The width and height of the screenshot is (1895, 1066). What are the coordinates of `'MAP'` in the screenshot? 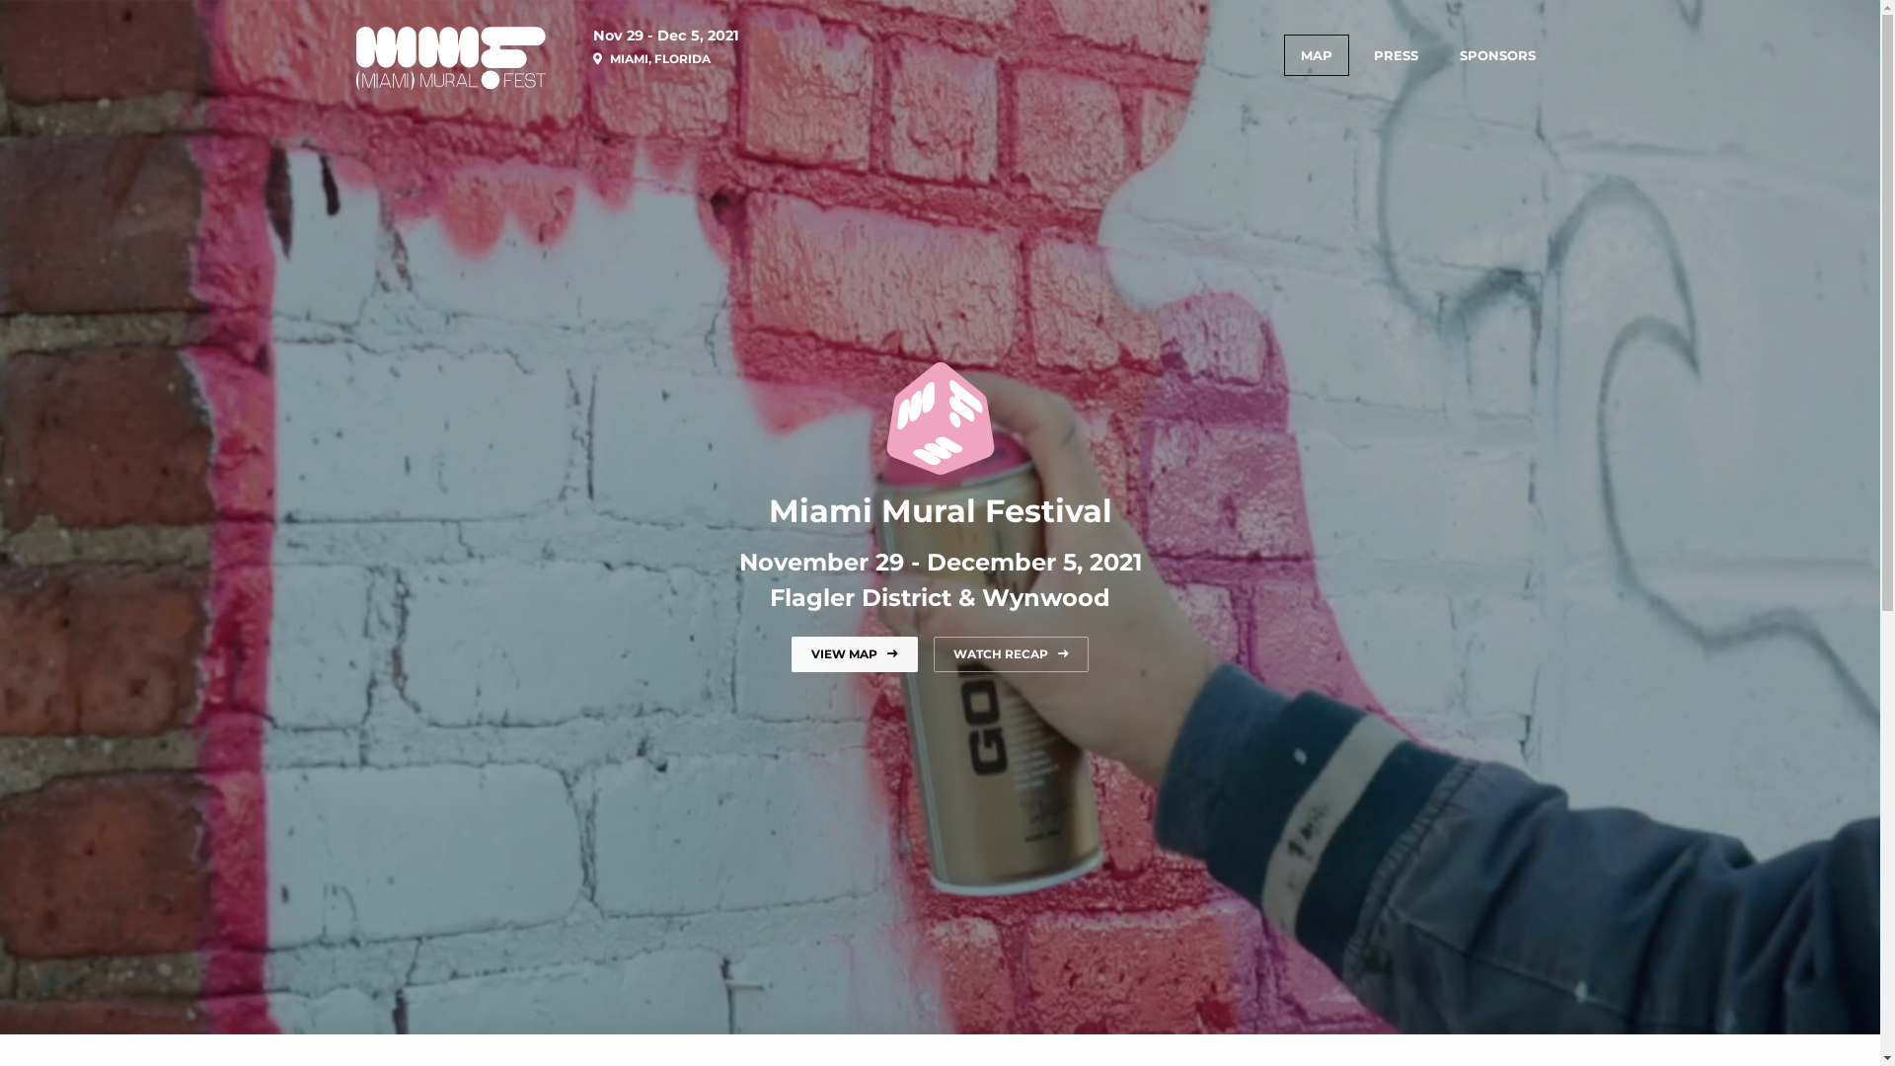 It's located at (1316, 54).